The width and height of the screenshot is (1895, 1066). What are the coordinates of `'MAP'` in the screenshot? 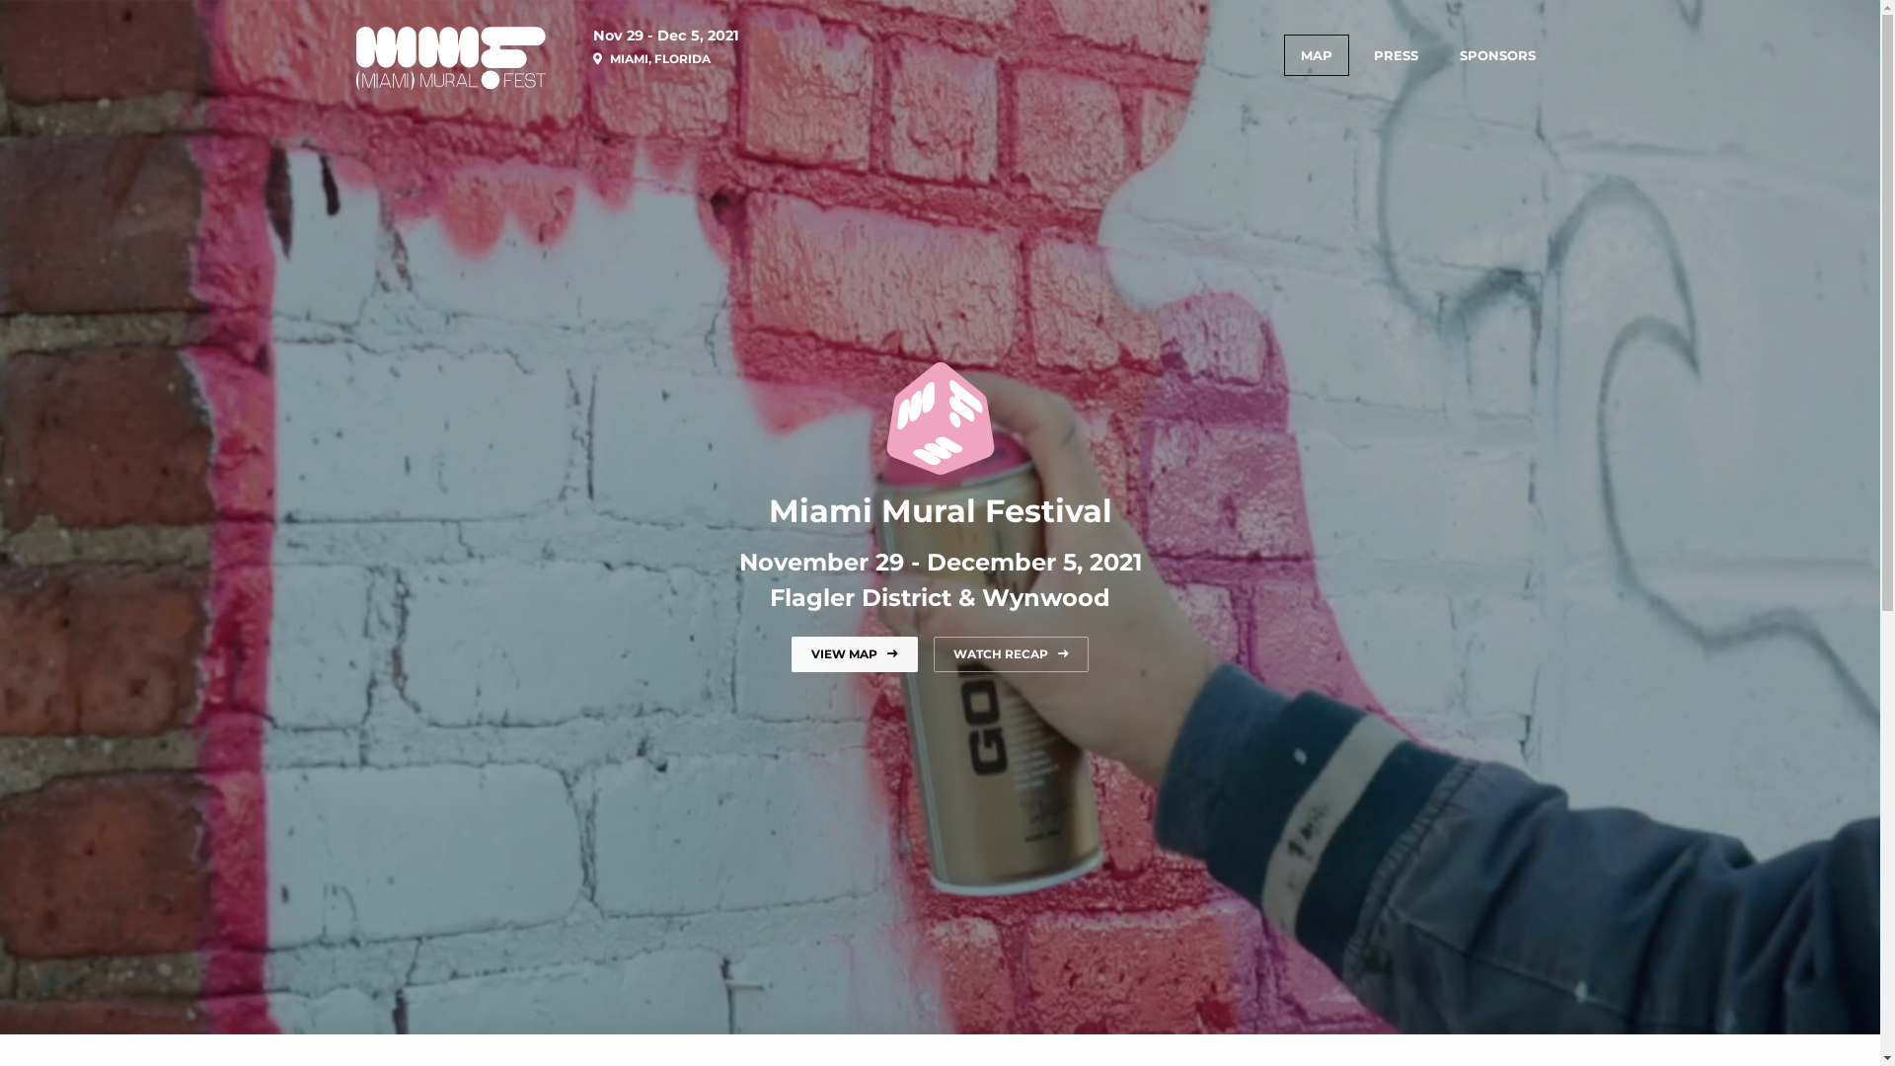 It's located at (1316, 54).